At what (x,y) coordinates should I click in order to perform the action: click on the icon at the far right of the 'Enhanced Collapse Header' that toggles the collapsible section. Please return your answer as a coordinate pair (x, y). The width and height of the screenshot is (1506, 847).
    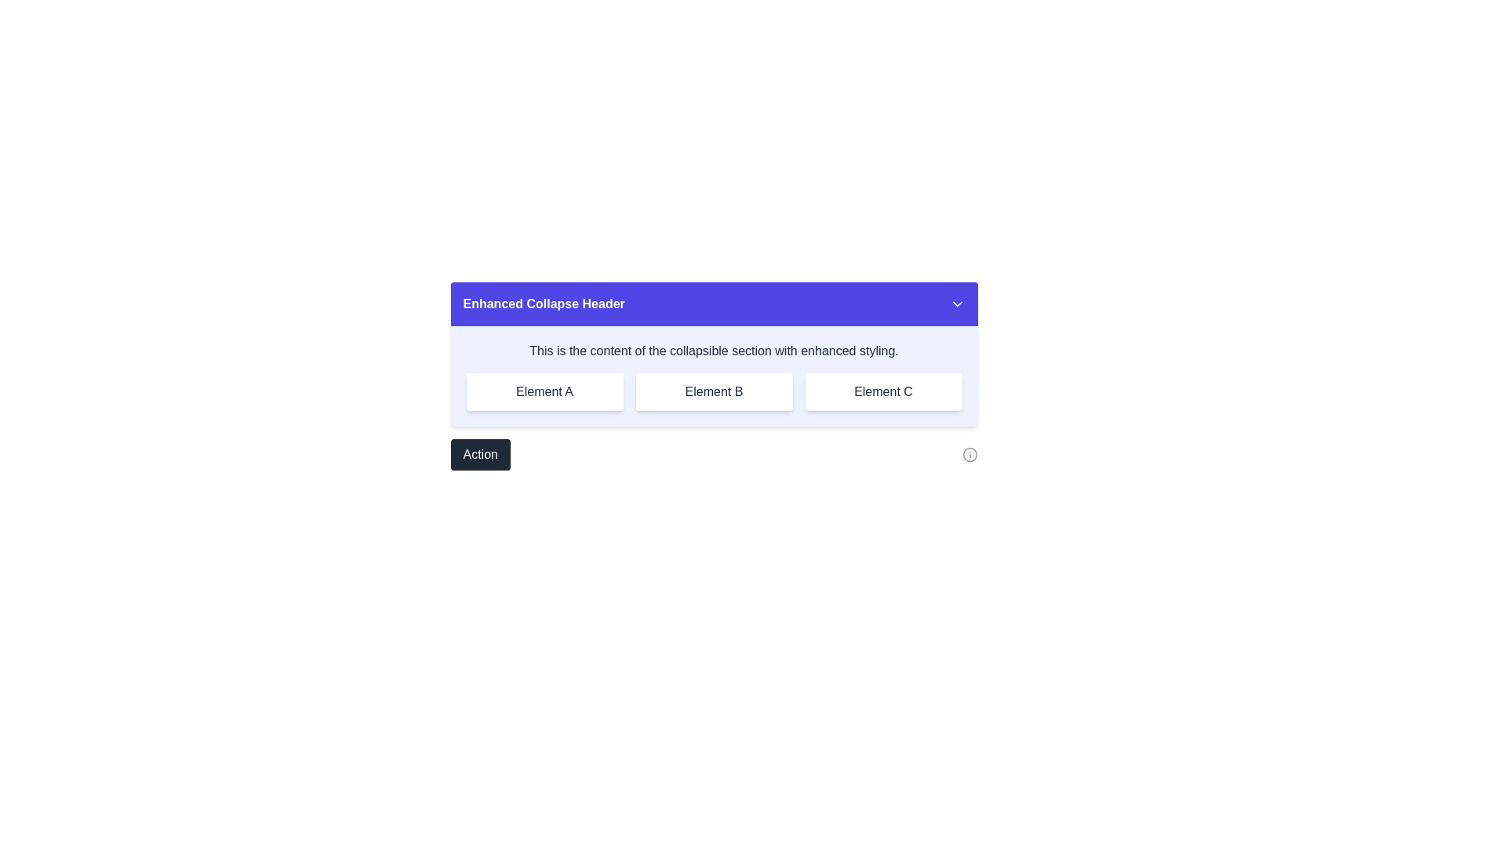
    Looking at the image, I should click on (956, 304).